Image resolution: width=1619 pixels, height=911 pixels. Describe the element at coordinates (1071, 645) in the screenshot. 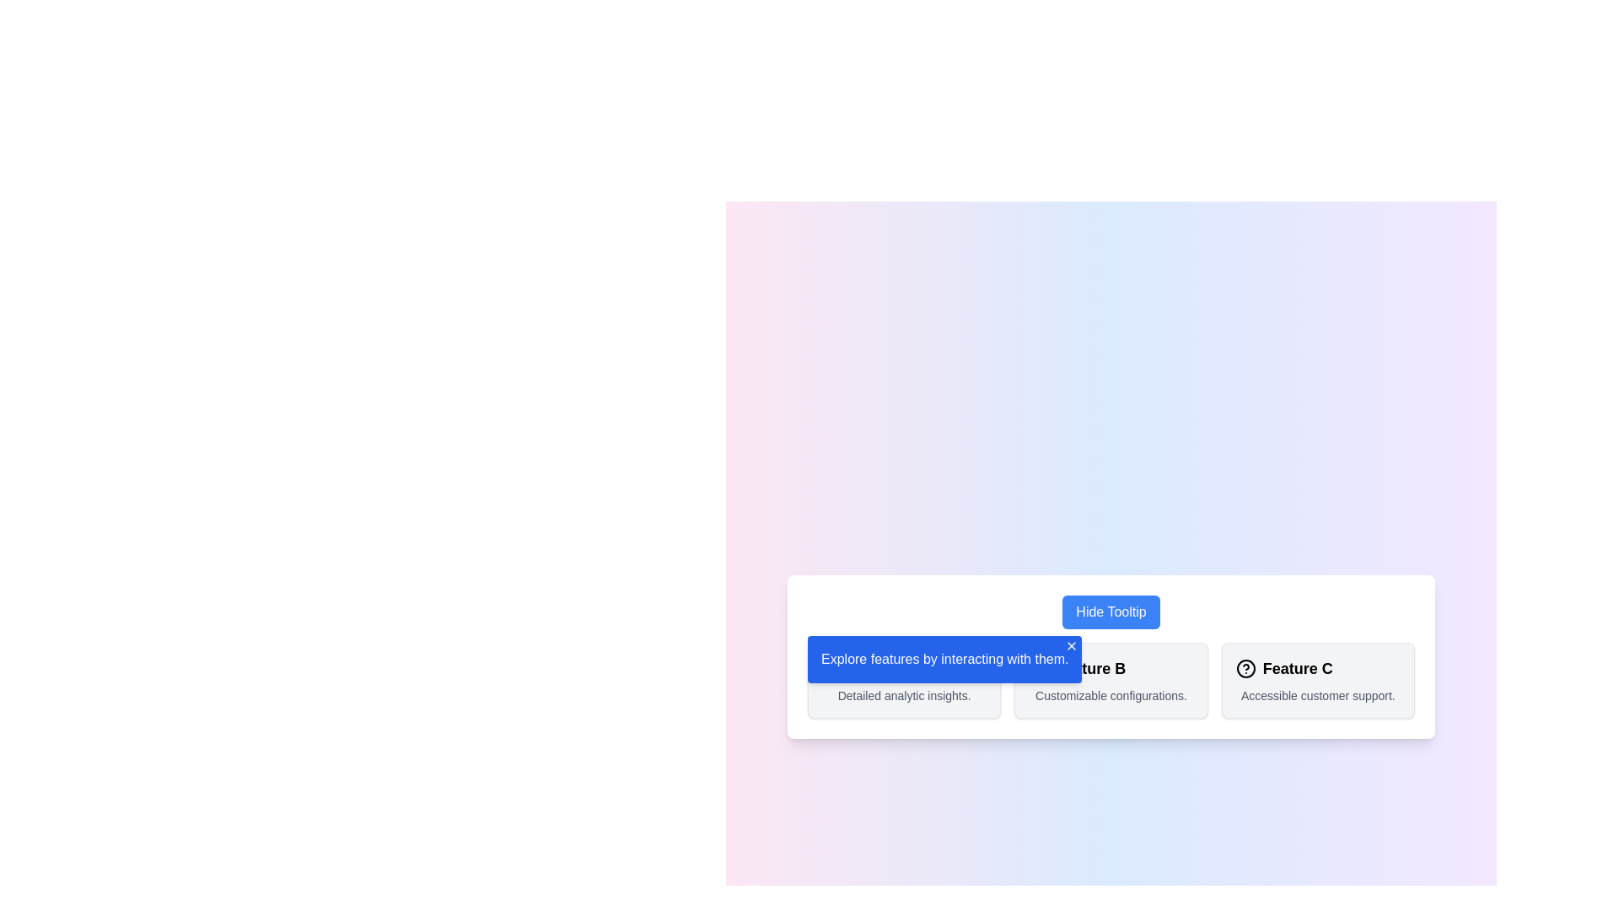

I see `the button located in the top-right corner of the blue tooltip that reads 'Explore features by interacting with them'` at that location.